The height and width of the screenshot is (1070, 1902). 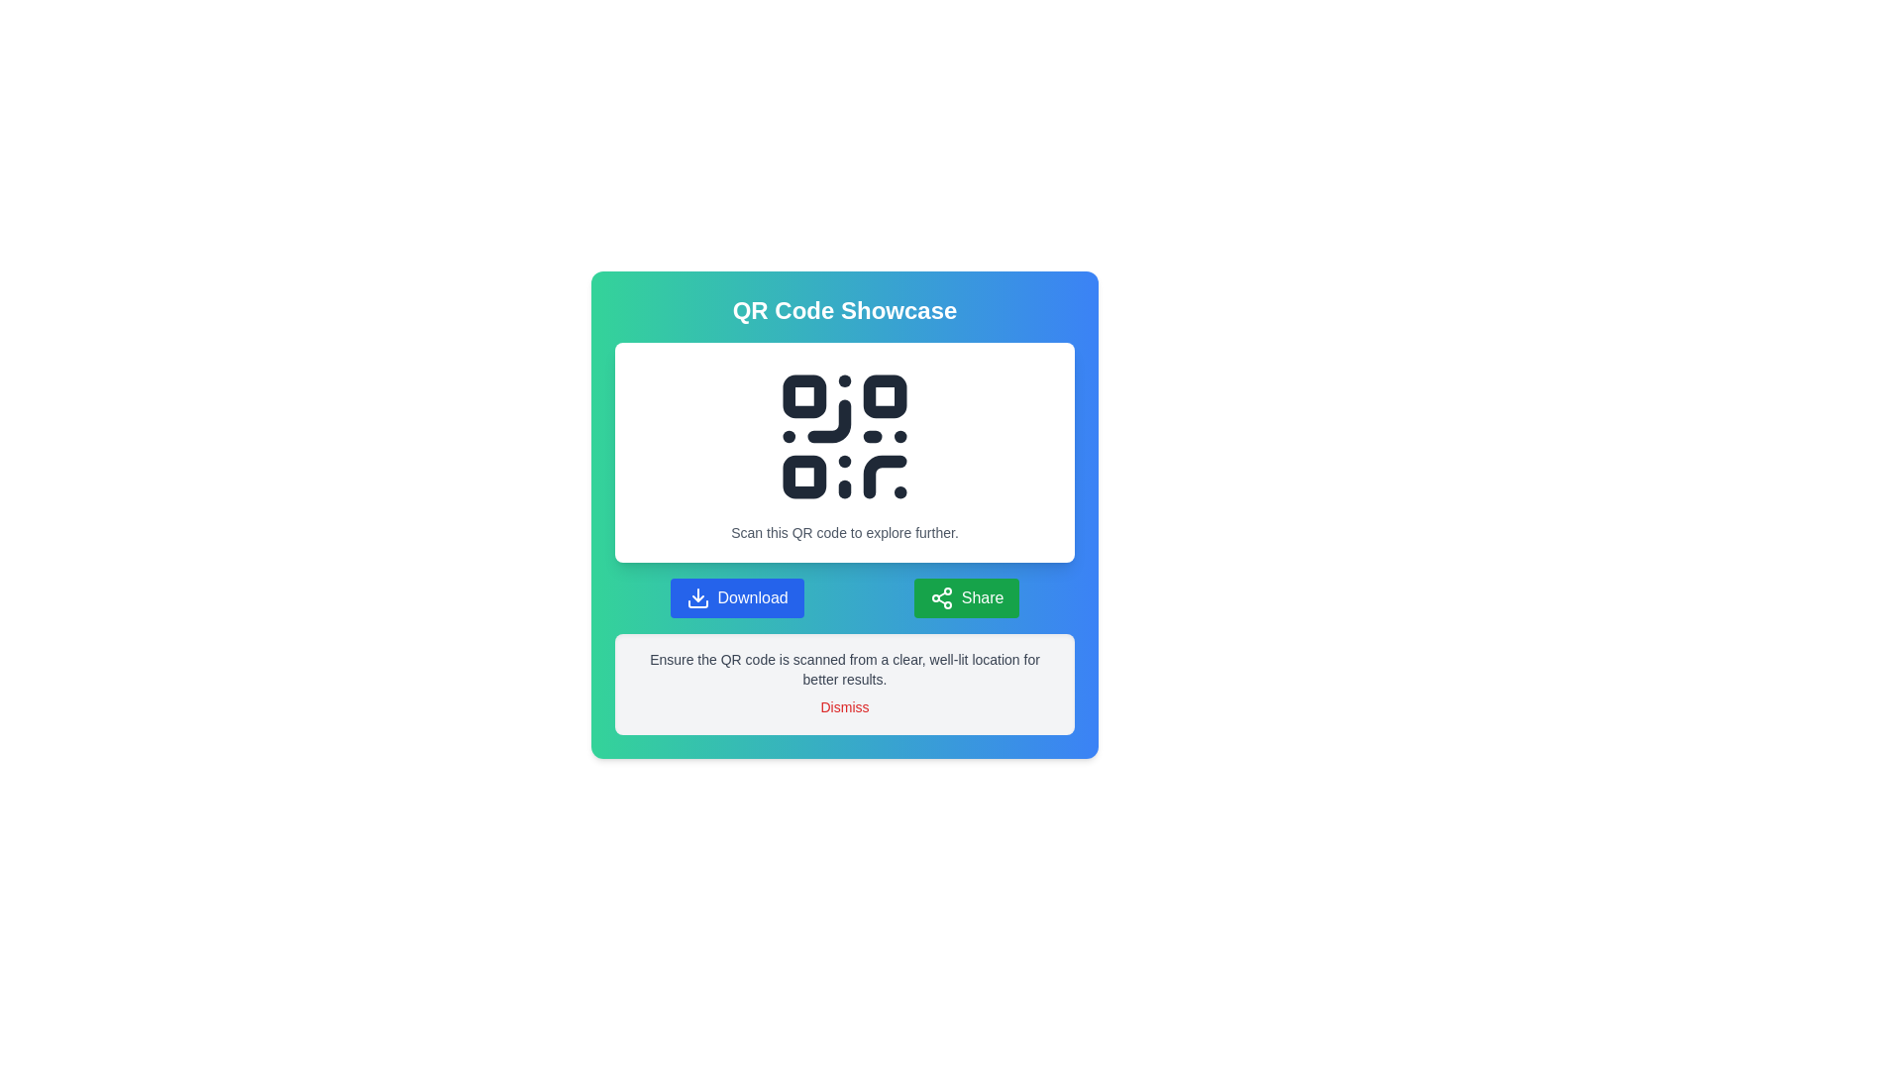 I want to click on the sharing icon located to the left of the green 'Share' button, which is positioned to the right of the 'Download' button below the QR code, so click(x=940, y=597).